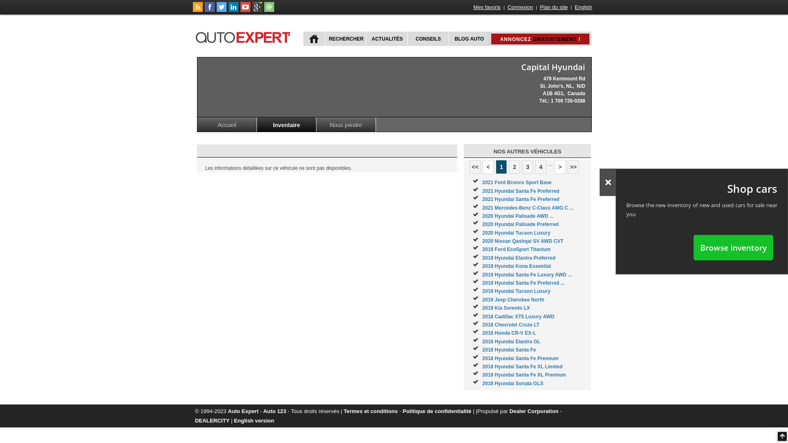 This screenshot has width=788, height=443. Describe the element at coordinates (516, 182) in the screenshot. I see `'2021 Ford Bronco Sport Base'` at that location.